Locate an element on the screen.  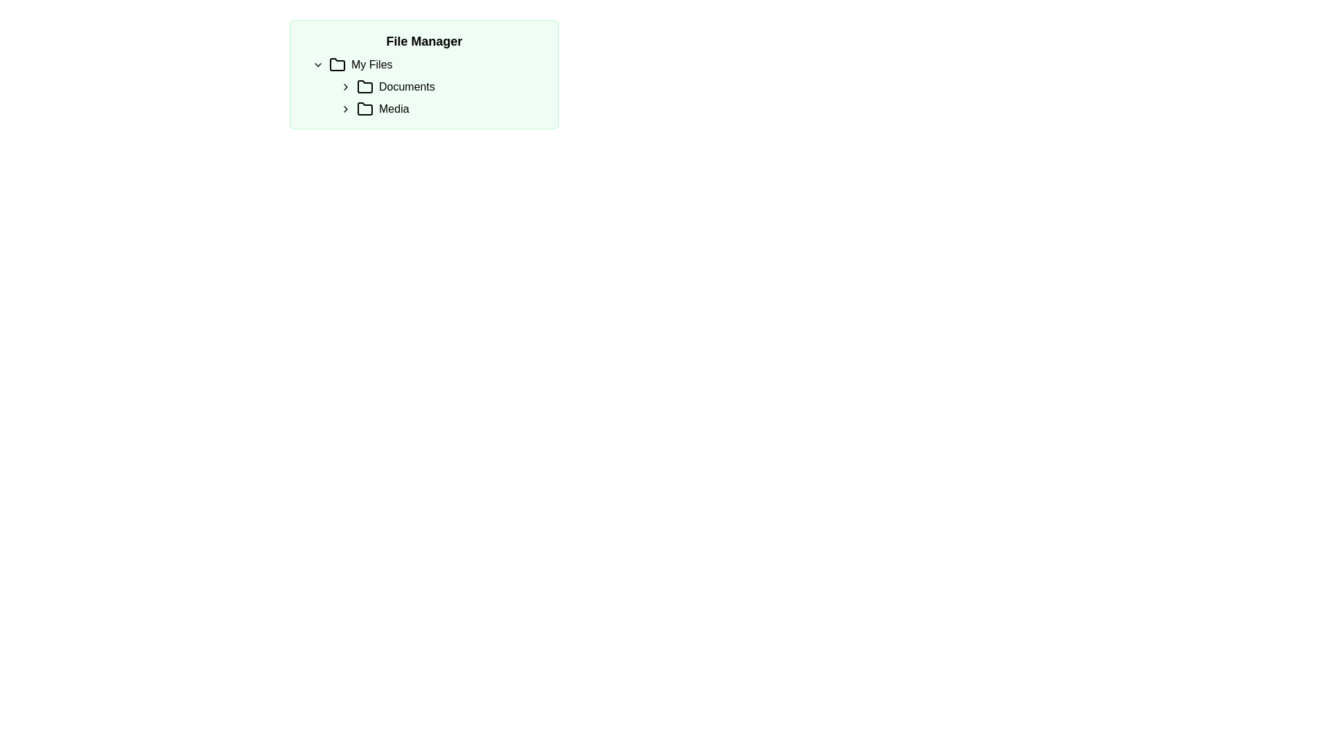
on the folder icon representing the 'Documents' is located at coordinates (365, 86).